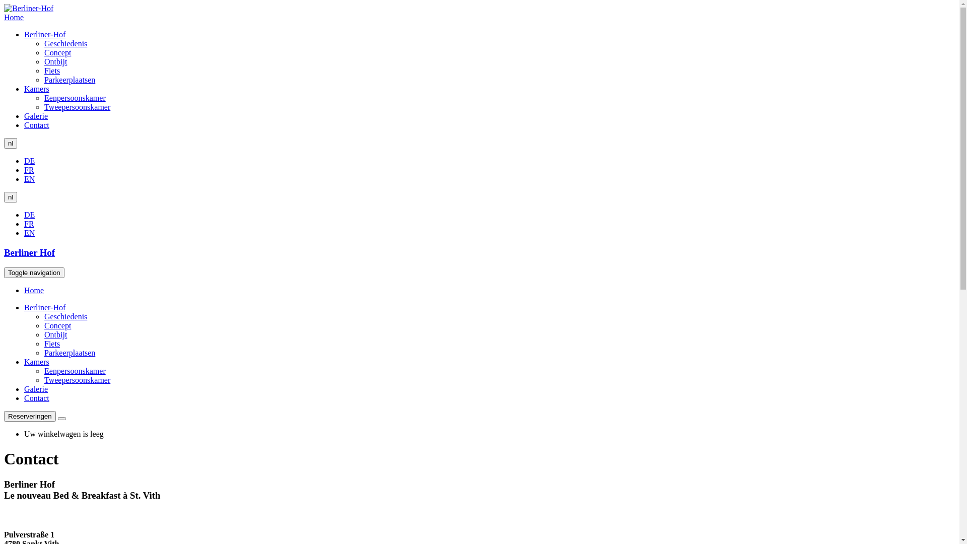 This screenshot has width=967, height=544. I want to click on 'Eenpersoonskamer', so click(74, 98).